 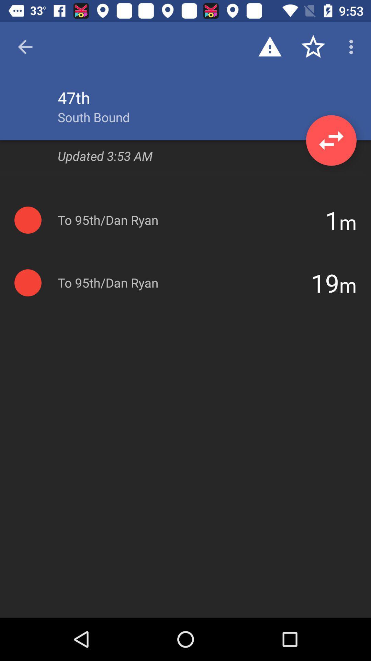 I want to click on the item next to the south bound icon, so click(x=331, y=140).